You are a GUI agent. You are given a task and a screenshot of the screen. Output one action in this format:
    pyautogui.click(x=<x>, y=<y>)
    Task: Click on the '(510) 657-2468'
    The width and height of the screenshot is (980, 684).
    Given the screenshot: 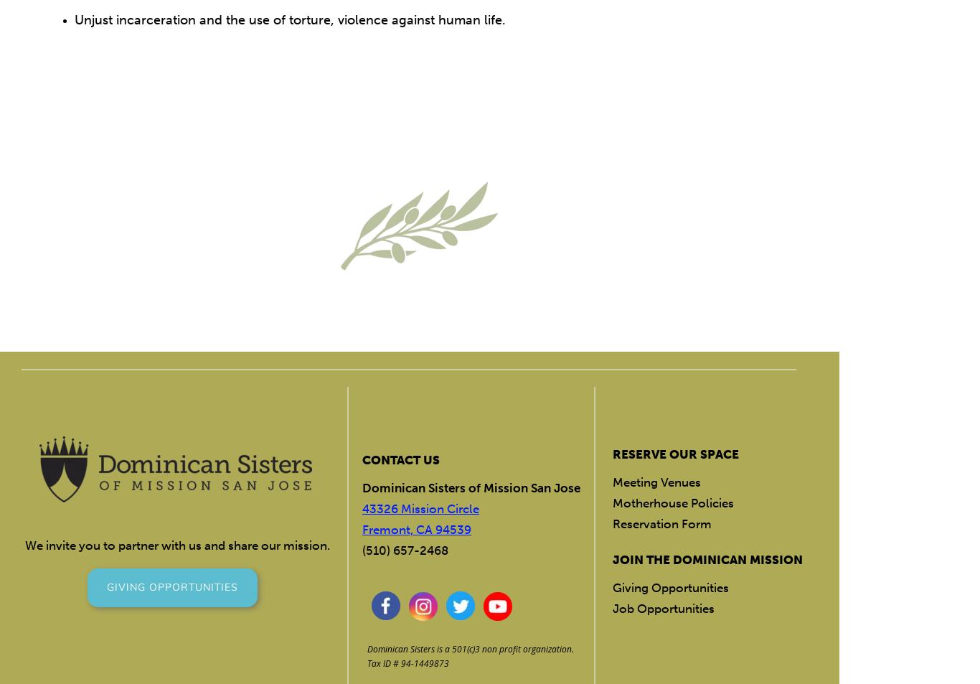 What is the action you would take?
    pyautogui.click(x=405, y=550)
    